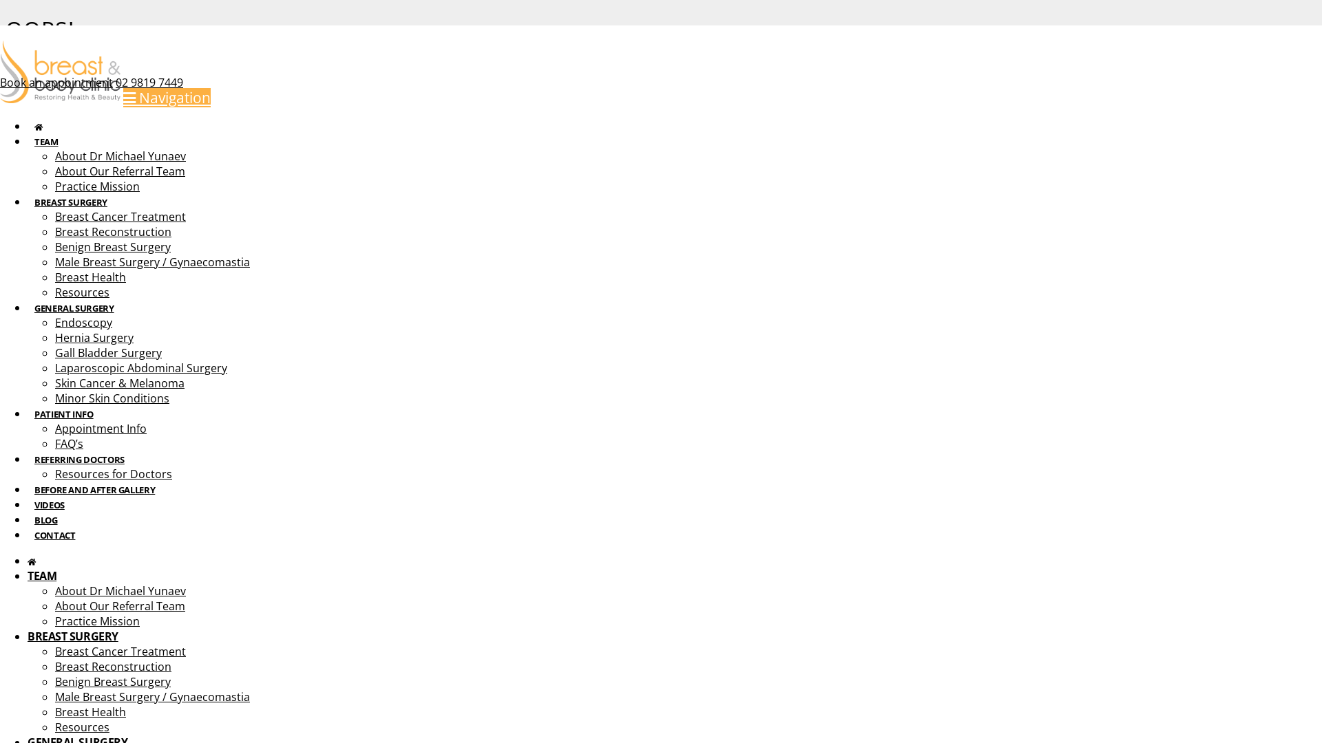 The width and height of the screenshot is (1322, 743). What do you see at coordinates (78, 456) in the screenshot?
I see `'REFERRING DOCTORS'` at bounding box center [78, 456].